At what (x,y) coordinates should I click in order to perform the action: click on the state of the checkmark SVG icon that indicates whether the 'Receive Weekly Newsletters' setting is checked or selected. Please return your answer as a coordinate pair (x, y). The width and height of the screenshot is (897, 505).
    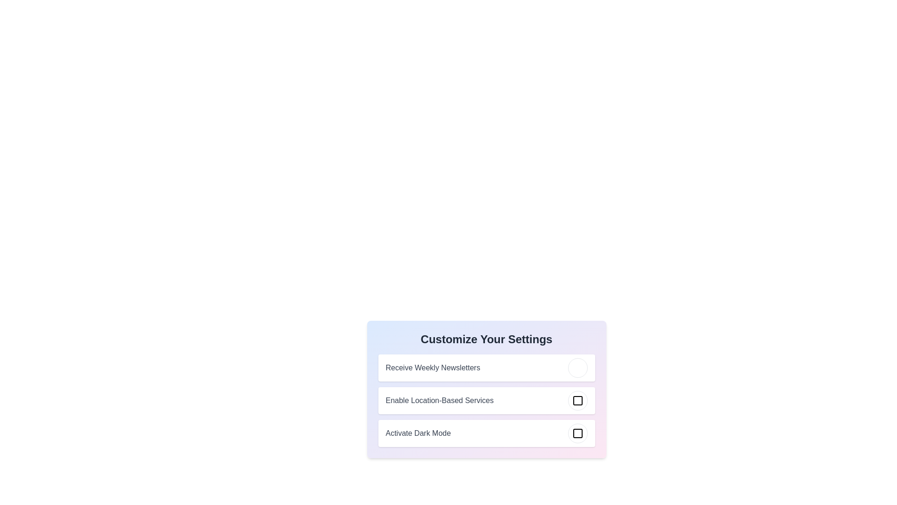
    Looking at the image, I should click on (578, 366).